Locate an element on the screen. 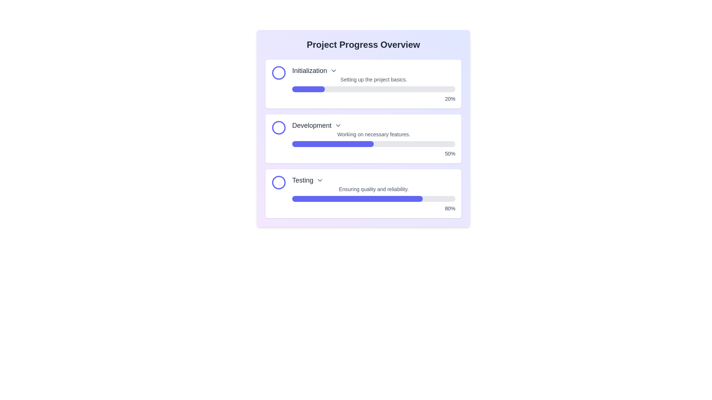 The width and height of the screenshot is (712, 400). the progress visually on the first progress bar indicating 20% completion under the 'Setting up the project basics.' text in the 'Initialization' section is located at coordinates (374, 89).